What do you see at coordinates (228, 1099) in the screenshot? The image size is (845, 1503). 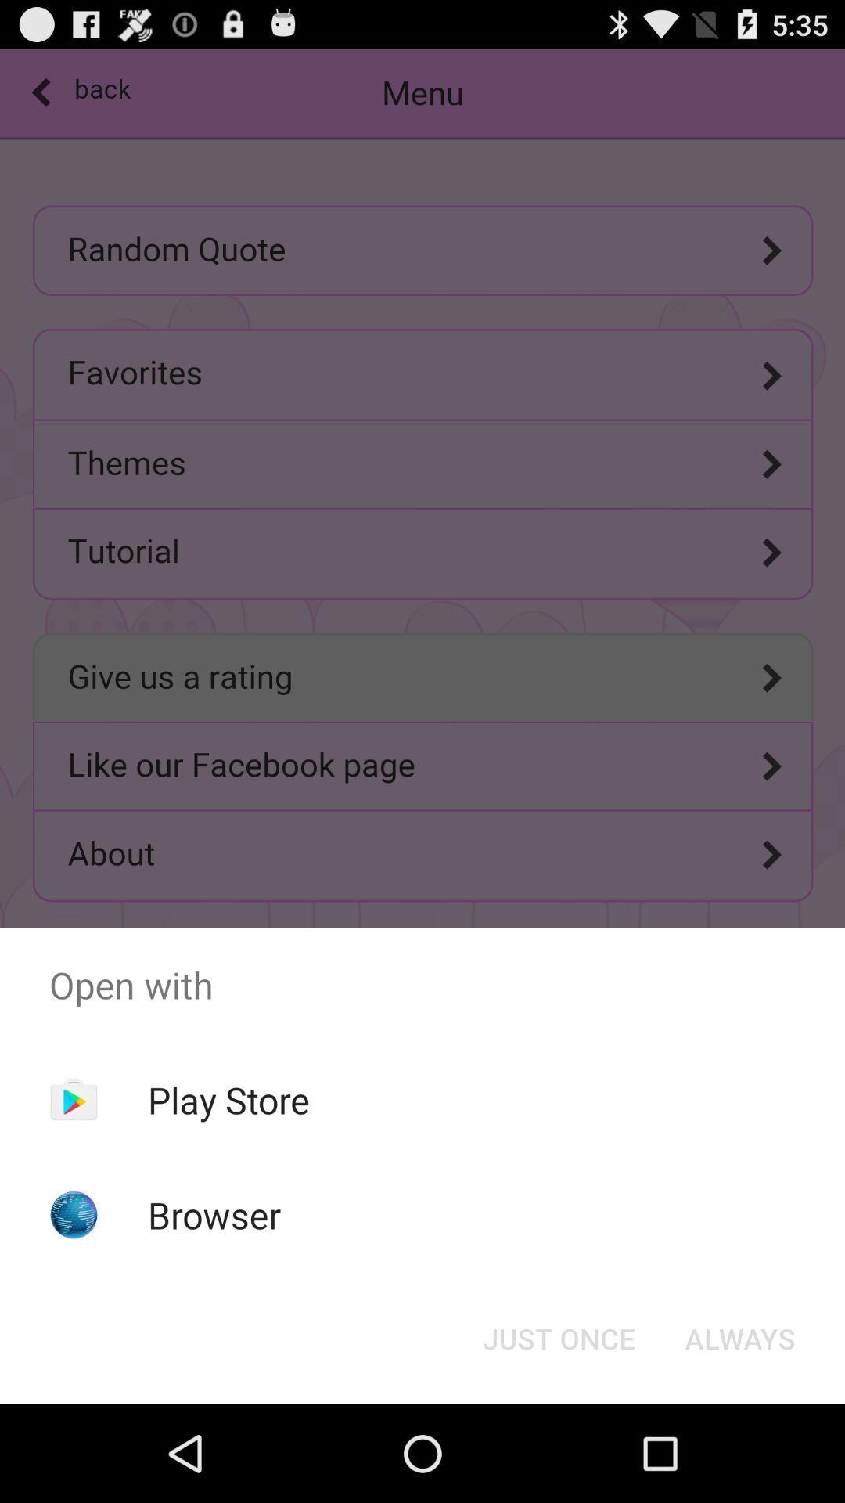 I see `icon above browser app` at bounding box center [228, 1099].